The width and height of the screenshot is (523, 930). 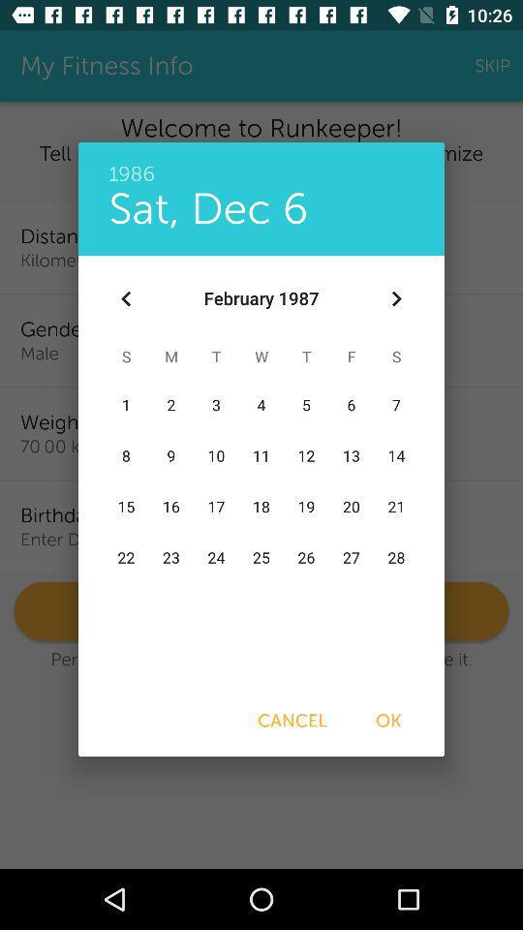 I want to click on item below the 1986 item, so click(x=395, y=298).